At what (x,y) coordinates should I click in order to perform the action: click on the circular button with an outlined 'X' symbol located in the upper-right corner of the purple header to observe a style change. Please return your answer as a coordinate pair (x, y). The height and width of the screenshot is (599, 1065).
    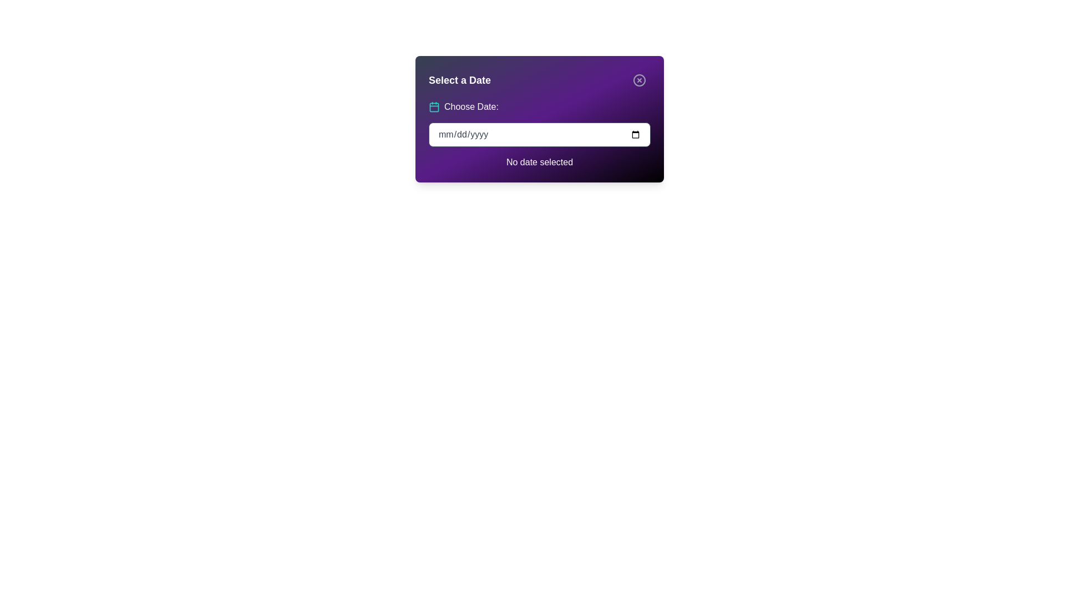
    Looking at the image, I should click on (639, 80).